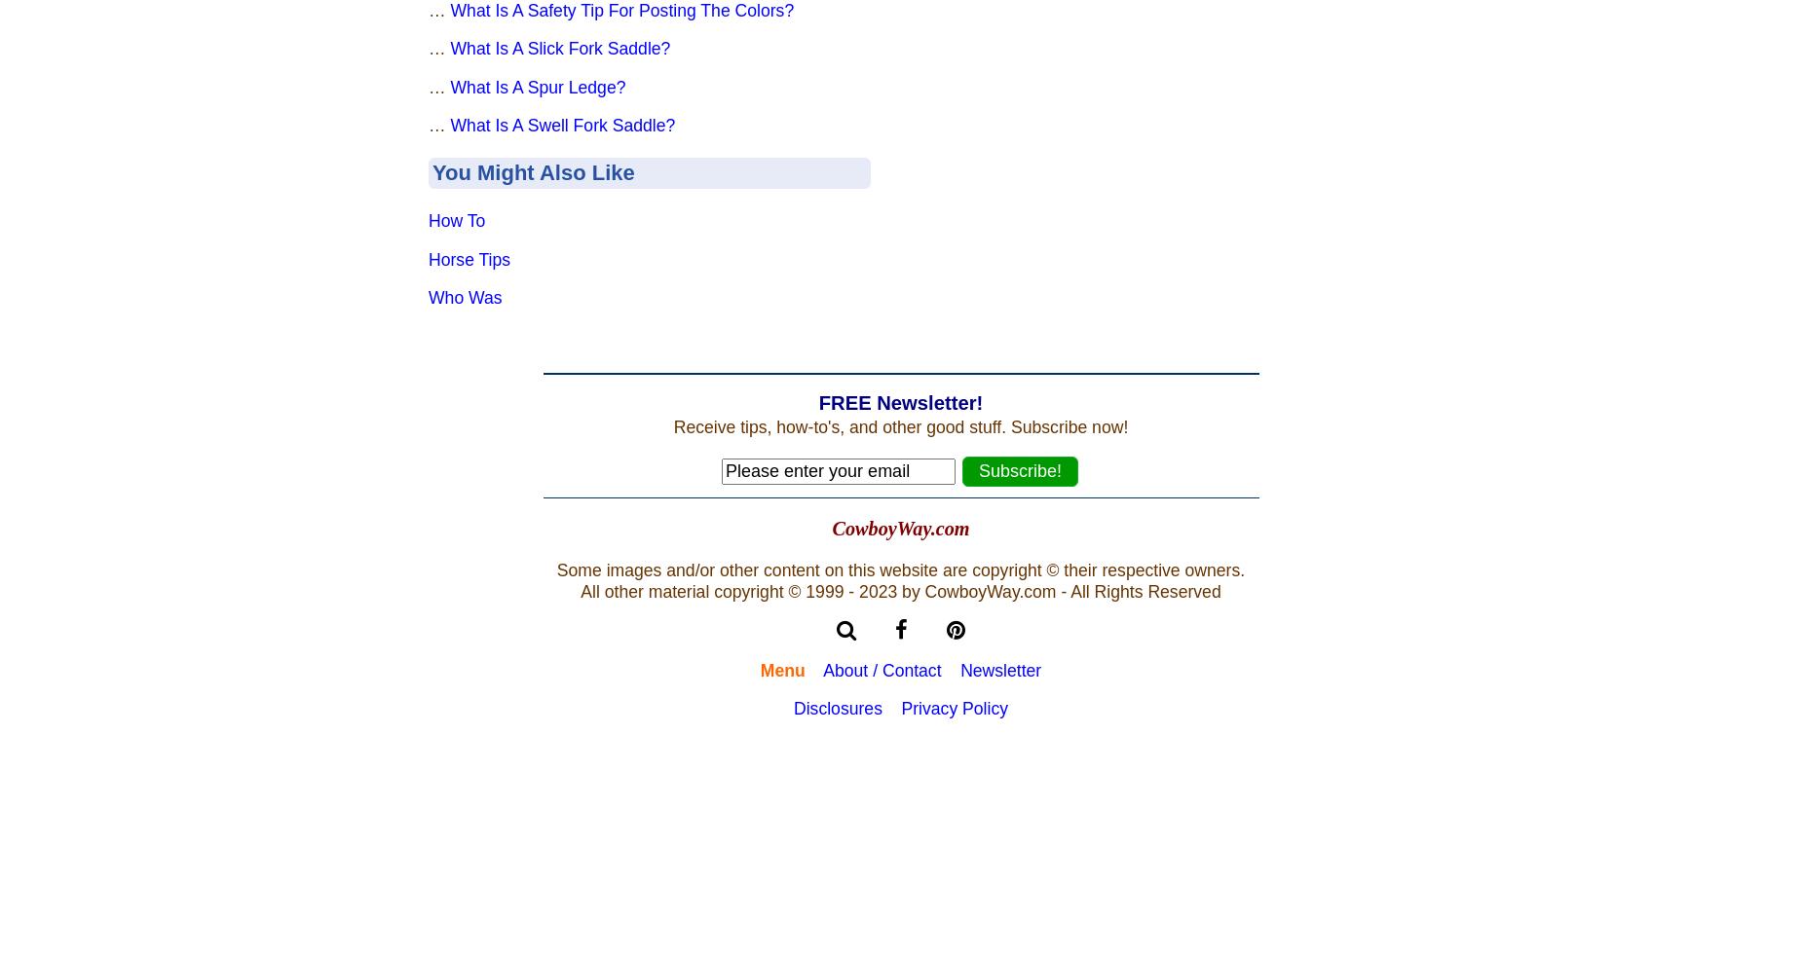 Image resolution: width=1802 pixels, height=955 pixels. Describe the element at coordinates (562, 125) in the screenshot. I see `'What Is A Swell Fork Saddle?'` at that location.